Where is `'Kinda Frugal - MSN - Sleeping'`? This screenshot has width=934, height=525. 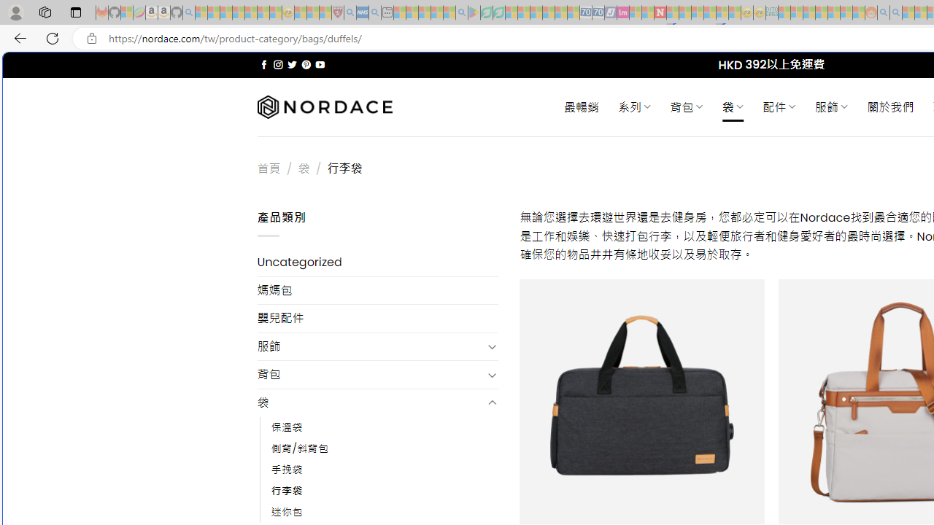
'Kinda Frugal - MSN - Sleeping' is located at coordinates (834, 12).